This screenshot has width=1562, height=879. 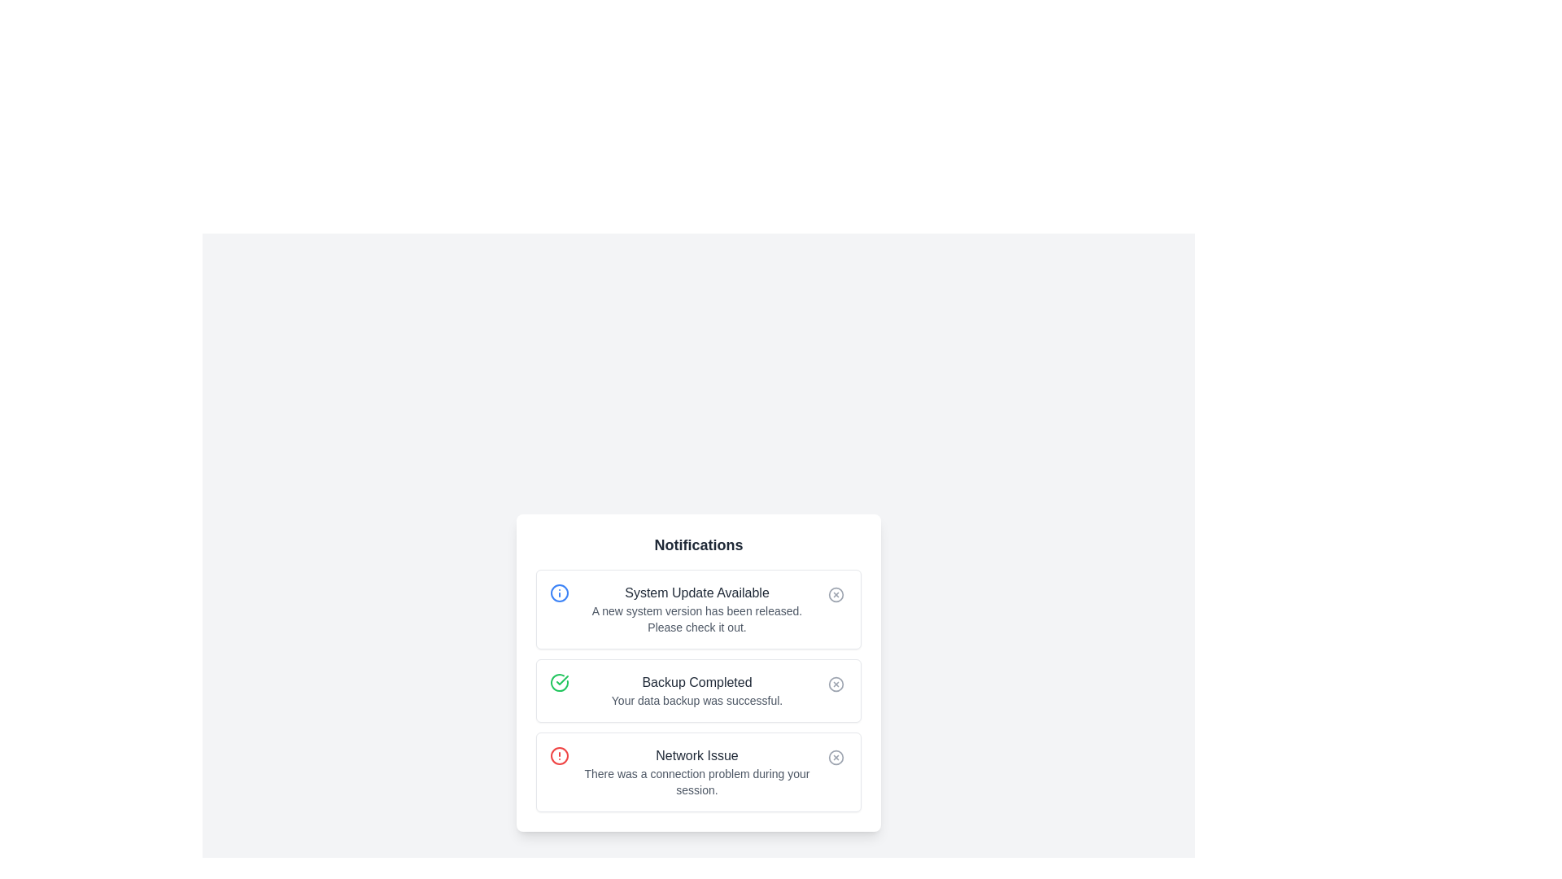 What do you see at coordinates (697, 771) in the screenshot?
I see `the Informational text block displaying 'Network Issue'` at bounding box center [697, 771].